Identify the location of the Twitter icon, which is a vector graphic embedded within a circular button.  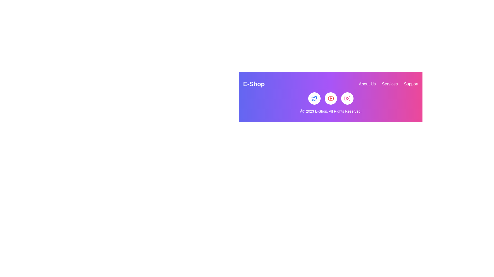
(314, 98).